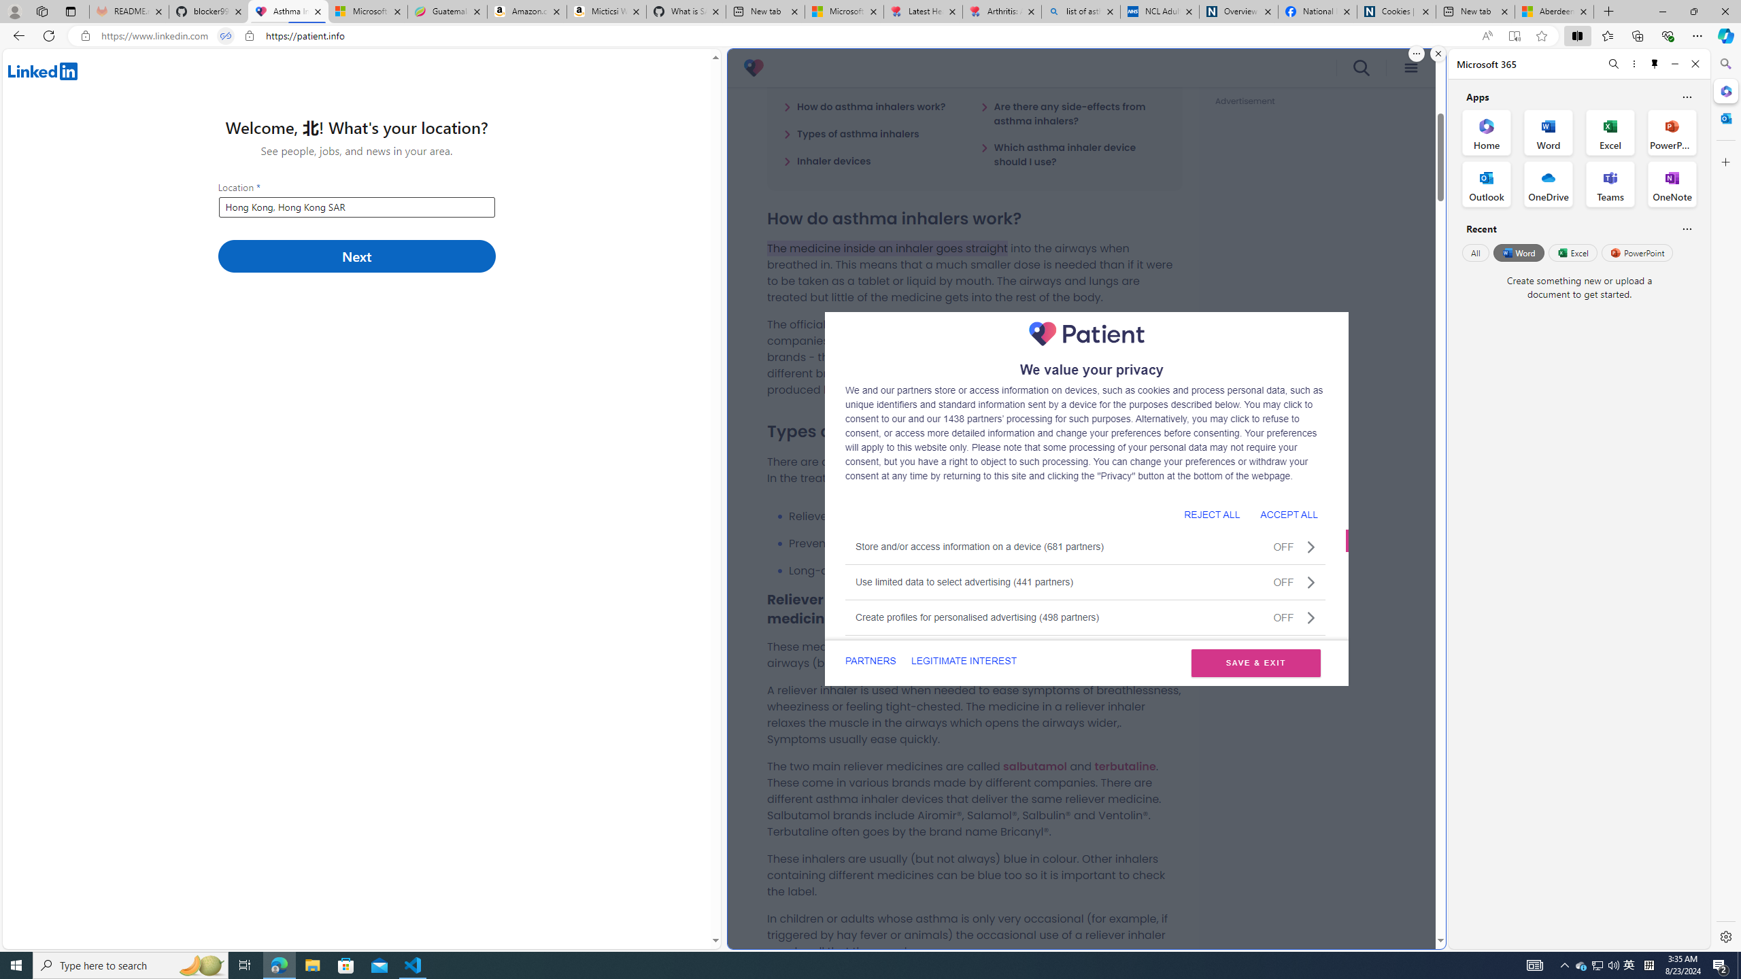 Image resolution: width=1741 pixels, height=979 pixels. I want to click on 'SAVE & EXIT', so click(1255, 662).